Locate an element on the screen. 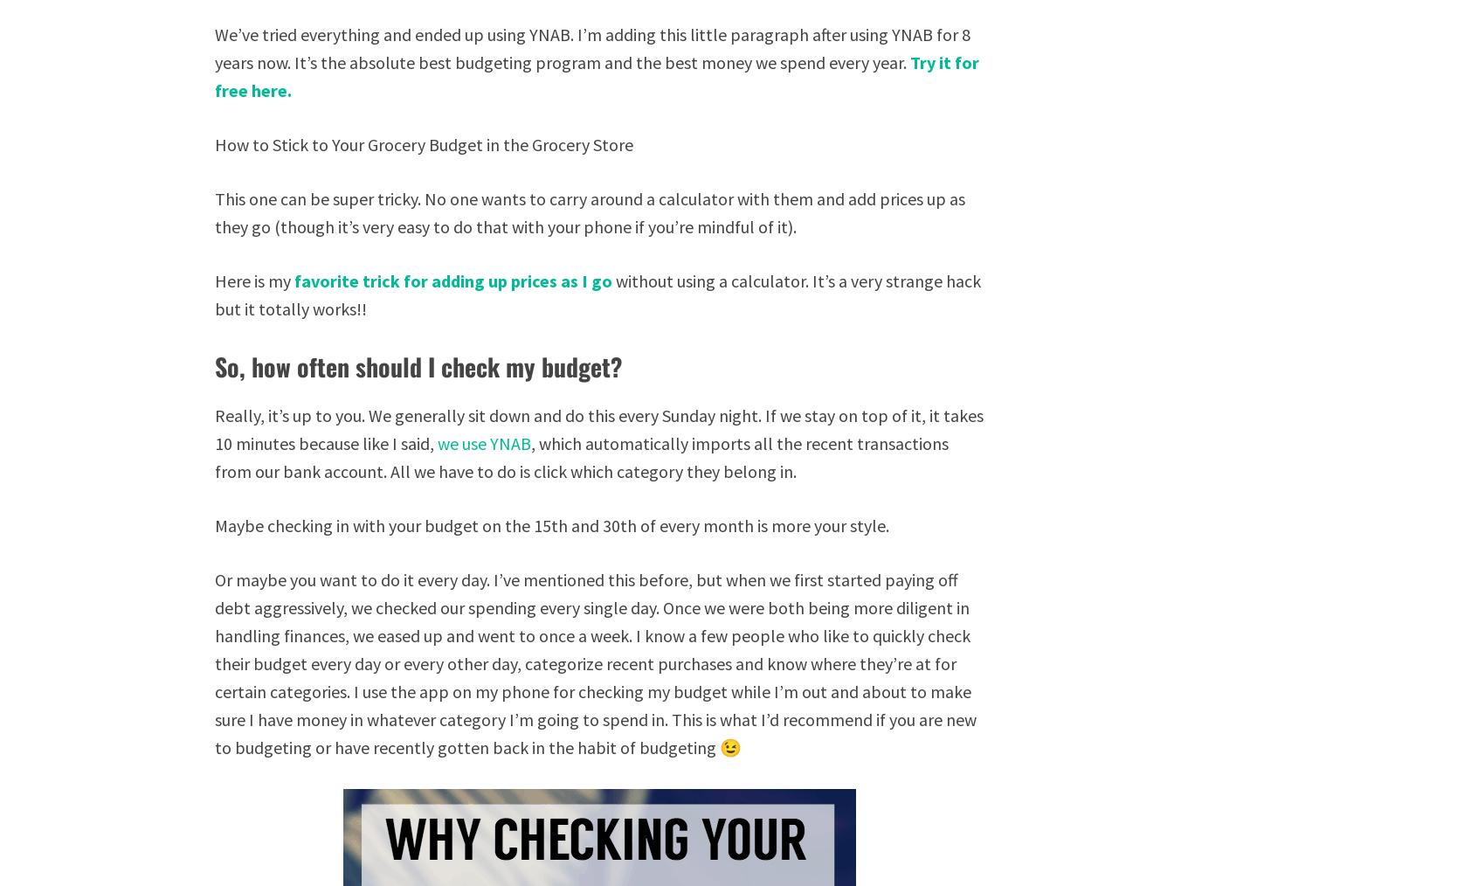 This screenshot has height=886, width=1478. 'Or maybe you want to do it every day. I’ve mentioned this before, but when we first started paying off debt aggressively, we checked our spending every single day. Once we were both being more diligent in handling finances, we eased up and went to once a week. I know a few people who like to quickly check their budget every day or every other day, categorize recent purchases and know where they’re at for certain categories. I use the app on my phone for checking my budget while I’m out and about to make sure I have money in whatever category I’m going to spend in. This is what I’d recommend if you are new to budgeting or have recently gotten back in the habit of budgeting 😉' is located at coordinates (596, 661).